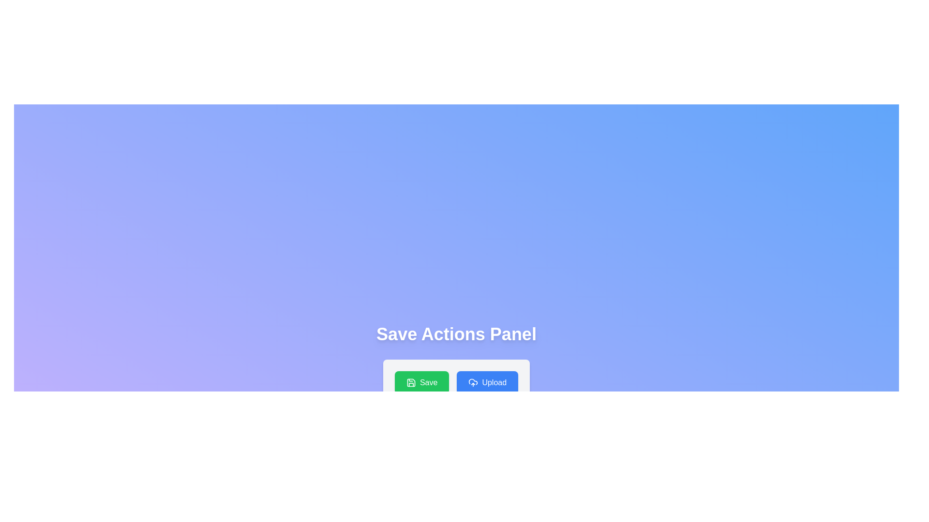  I want to click on the cloud-shaped upload icon with a blue background and white lines, which is part of the 'Upload' button located on the right side of the 'Save' button, so click(473, 382).